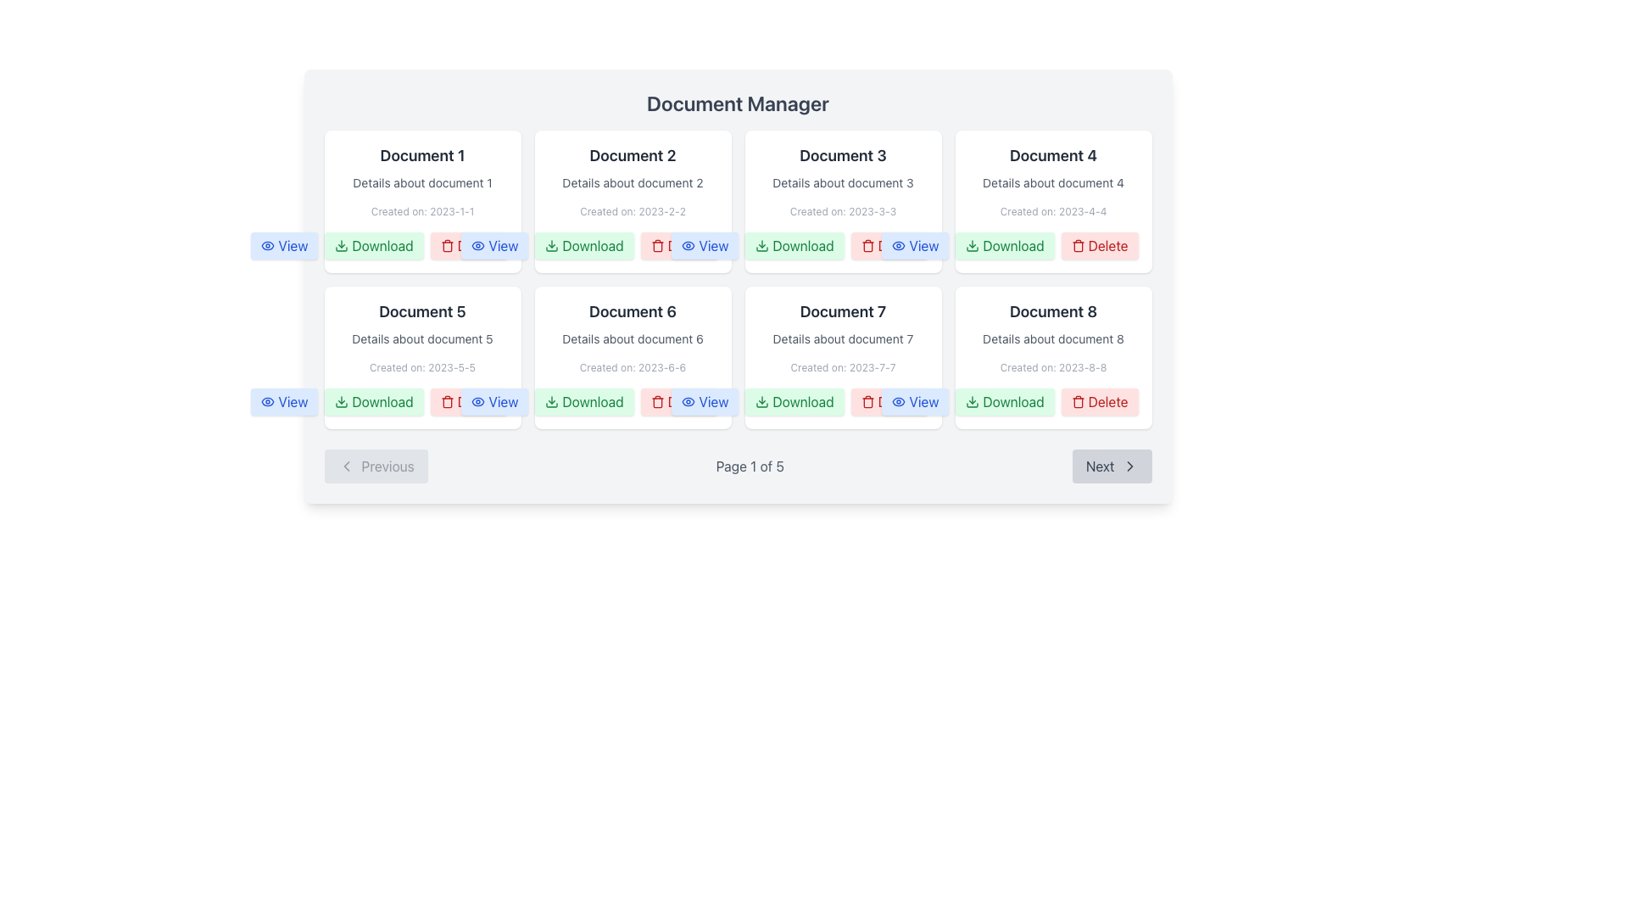  I want to click on the text label indicating the current position within the pagination structure, located between the 'Previous' and 'Next' buttons at the bottom of the interface, so click(749, 466).